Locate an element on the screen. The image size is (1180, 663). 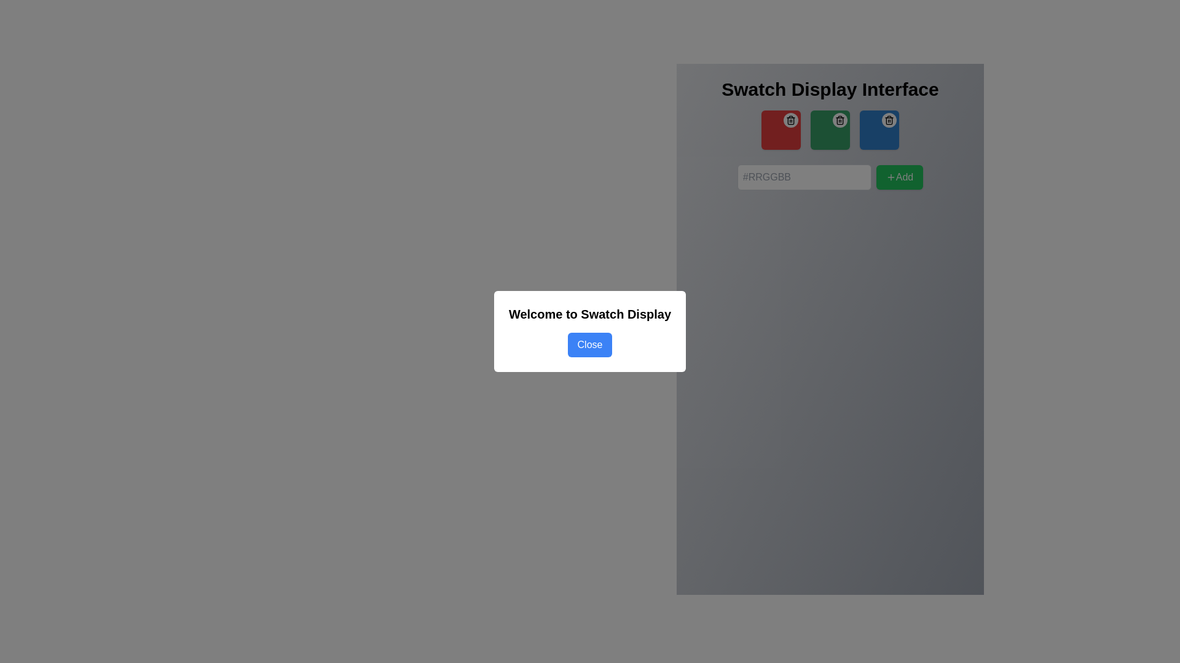
the small circular button located at the top-right corner of the deep blue square tile with rounded corners is located at coordinates (878, 130).